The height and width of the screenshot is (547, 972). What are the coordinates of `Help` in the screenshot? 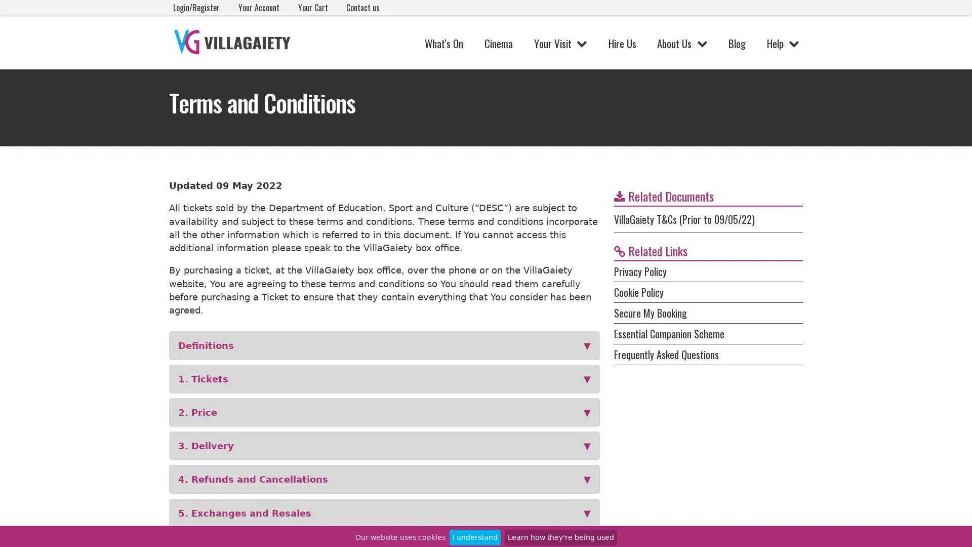 It's located at (782, 43).